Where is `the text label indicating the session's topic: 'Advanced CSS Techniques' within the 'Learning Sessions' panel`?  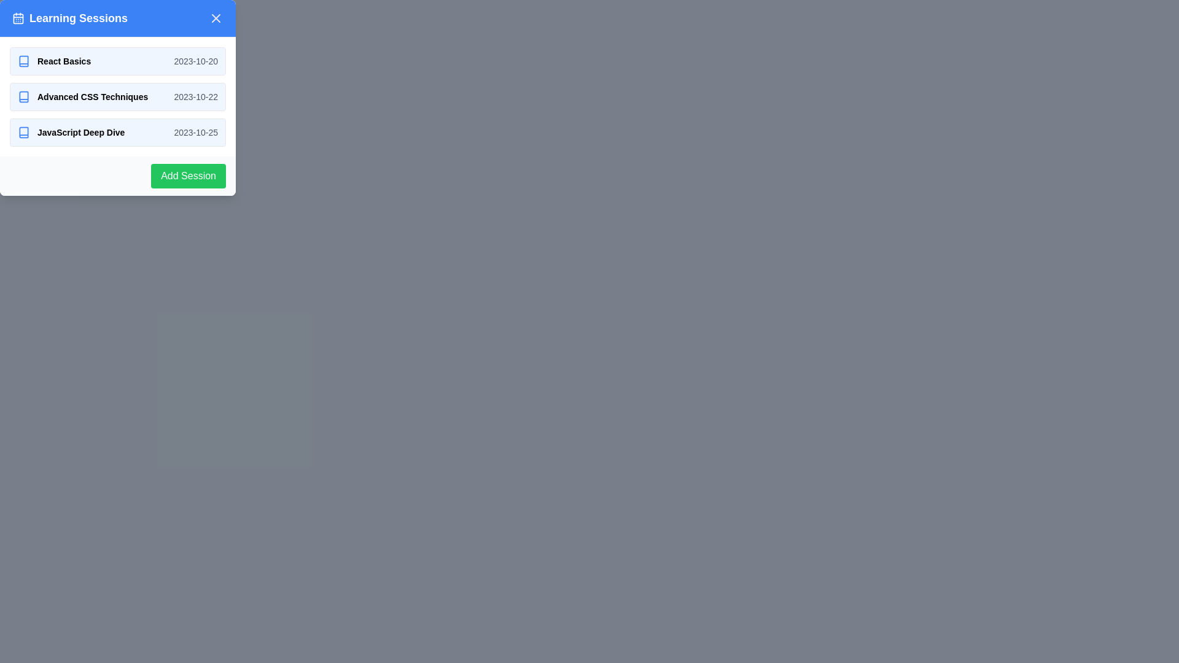
the text label indicating the session's topic: 'Advanced CSS Techniques' within the 'Learning Sessions' panel is located at coordinates (92, 96).